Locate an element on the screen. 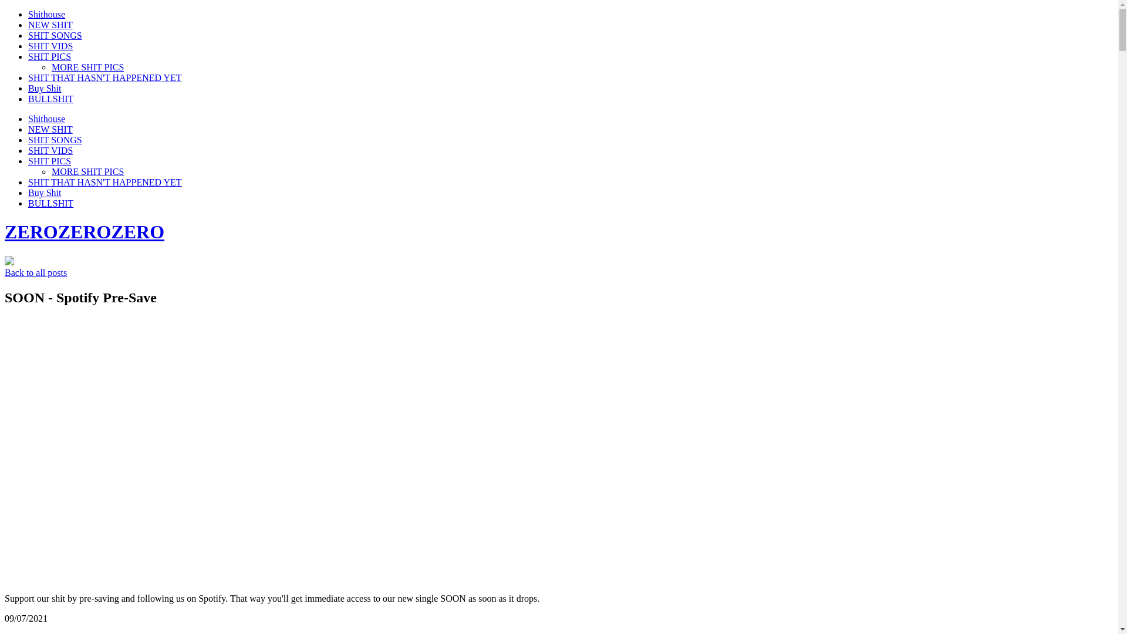 The height and width of the screenshot is (634, 1127). 'SHIT PICS' is located at coordinates (49, 56).